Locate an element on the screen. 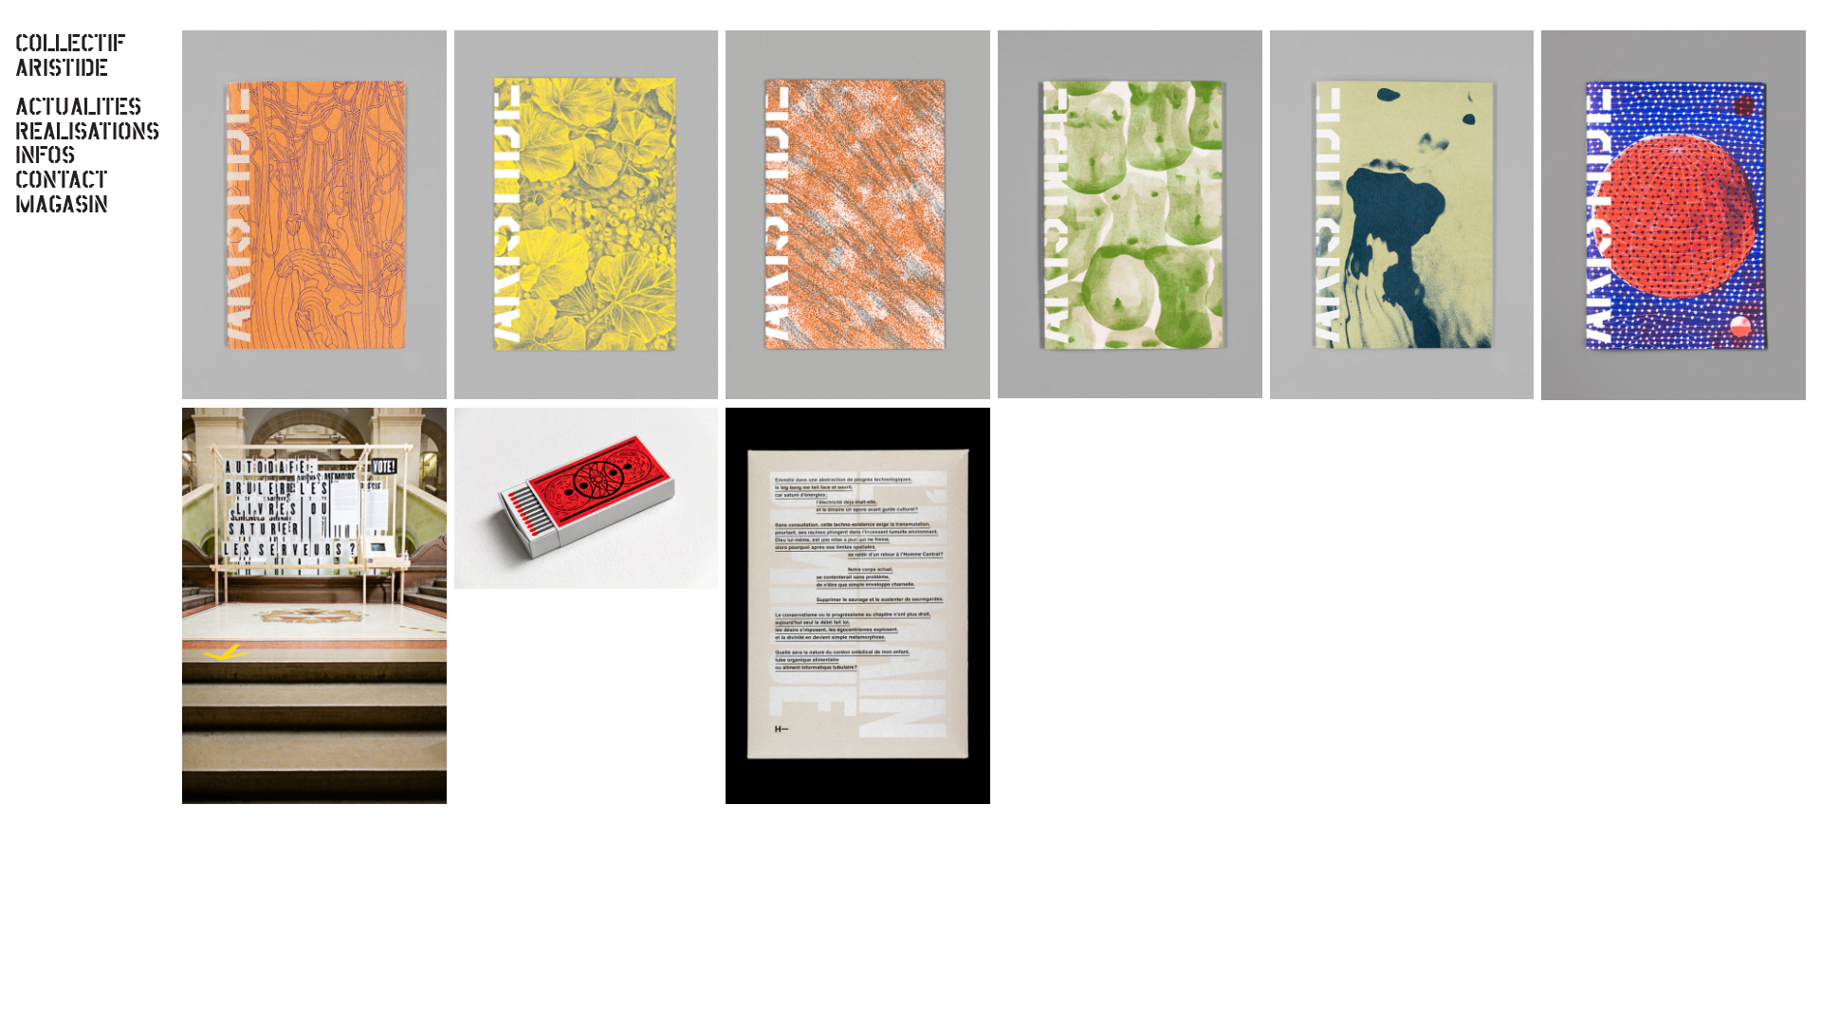  'COLLECTIF ARISTIDE' is located at coordinates (76, 53).